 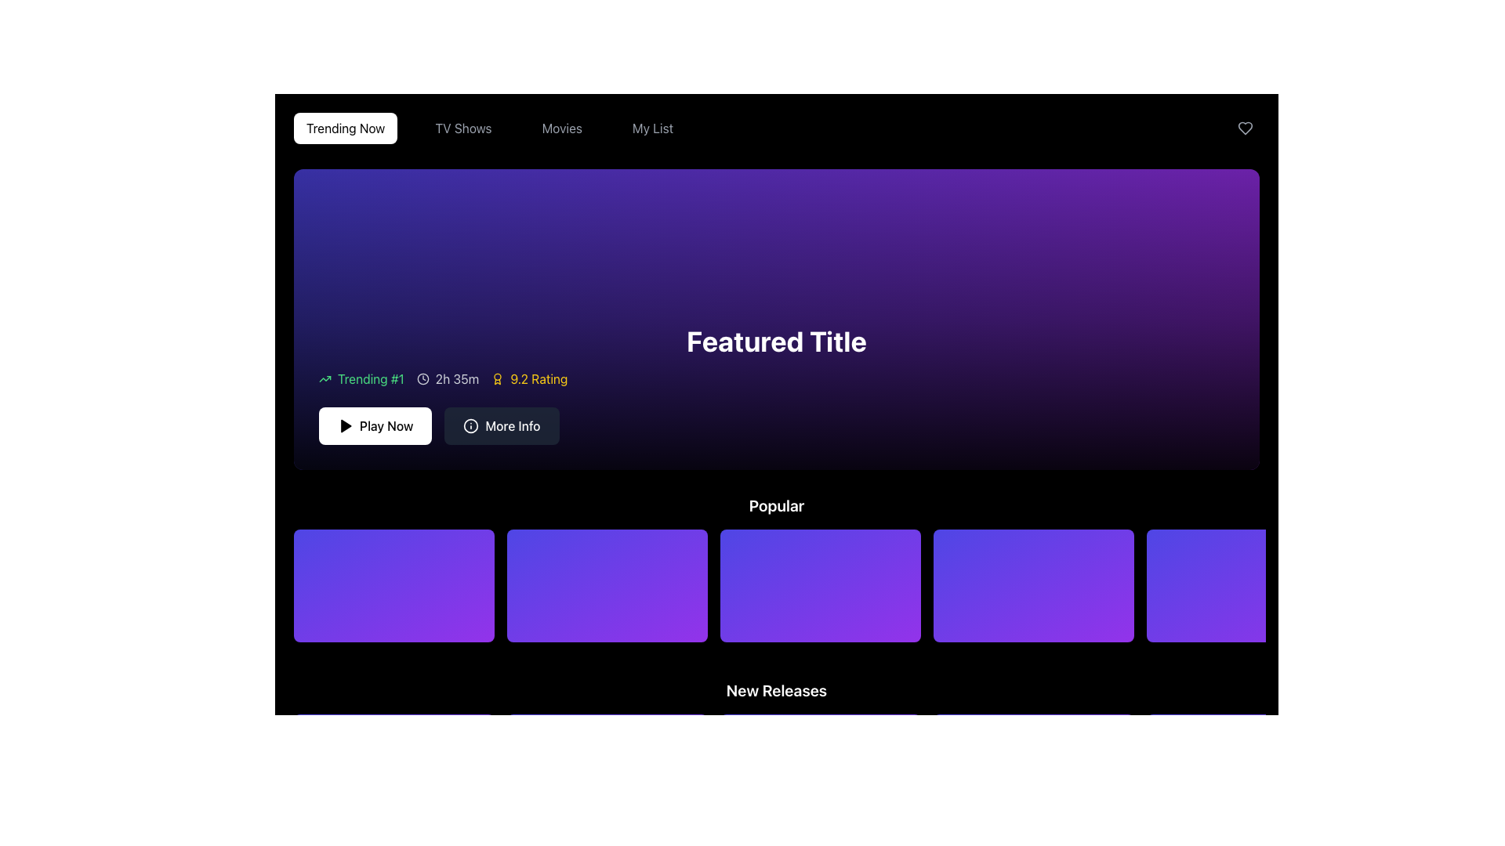 I want to click on the 'New Releases' text label, which serves as a section title above the list of horizontally scrollable cards, to trigger possible tooltips, so click(x=776, y=690).